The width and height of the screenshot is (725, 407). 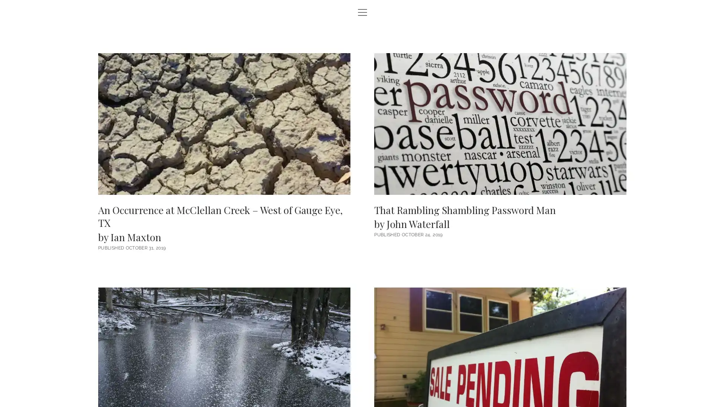 What do you see at coordinates (362, 13) in the screenshot?
I see `open menu` at bounding box center [362, 13].